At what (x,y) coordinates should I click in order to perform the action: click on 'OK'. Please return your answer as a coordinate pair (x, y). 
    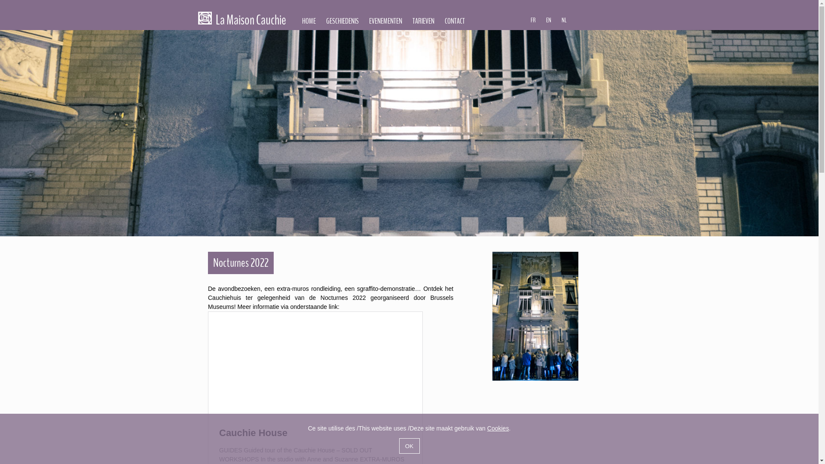
    Looking at the image, I should click on (408, 445).